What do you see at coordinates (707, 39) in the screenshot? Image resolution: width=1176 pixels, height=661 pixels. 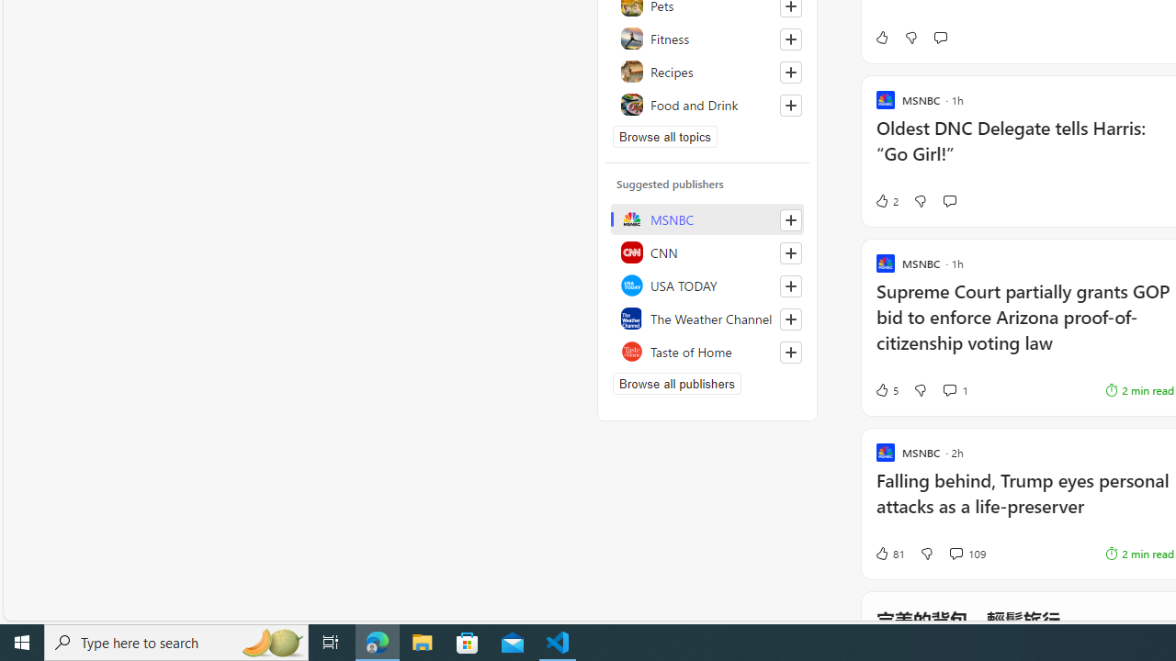 I see `'Fitness'` at bounding box center [707, 39].